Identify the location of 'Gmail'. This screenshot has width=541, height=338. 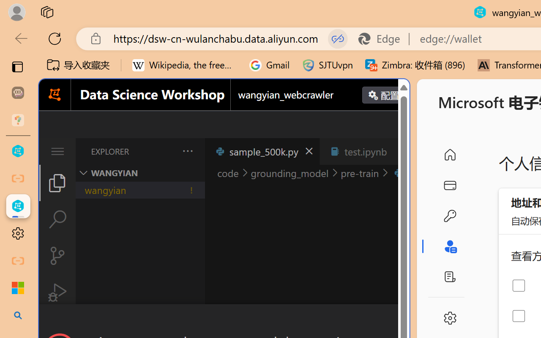
(269, 65).